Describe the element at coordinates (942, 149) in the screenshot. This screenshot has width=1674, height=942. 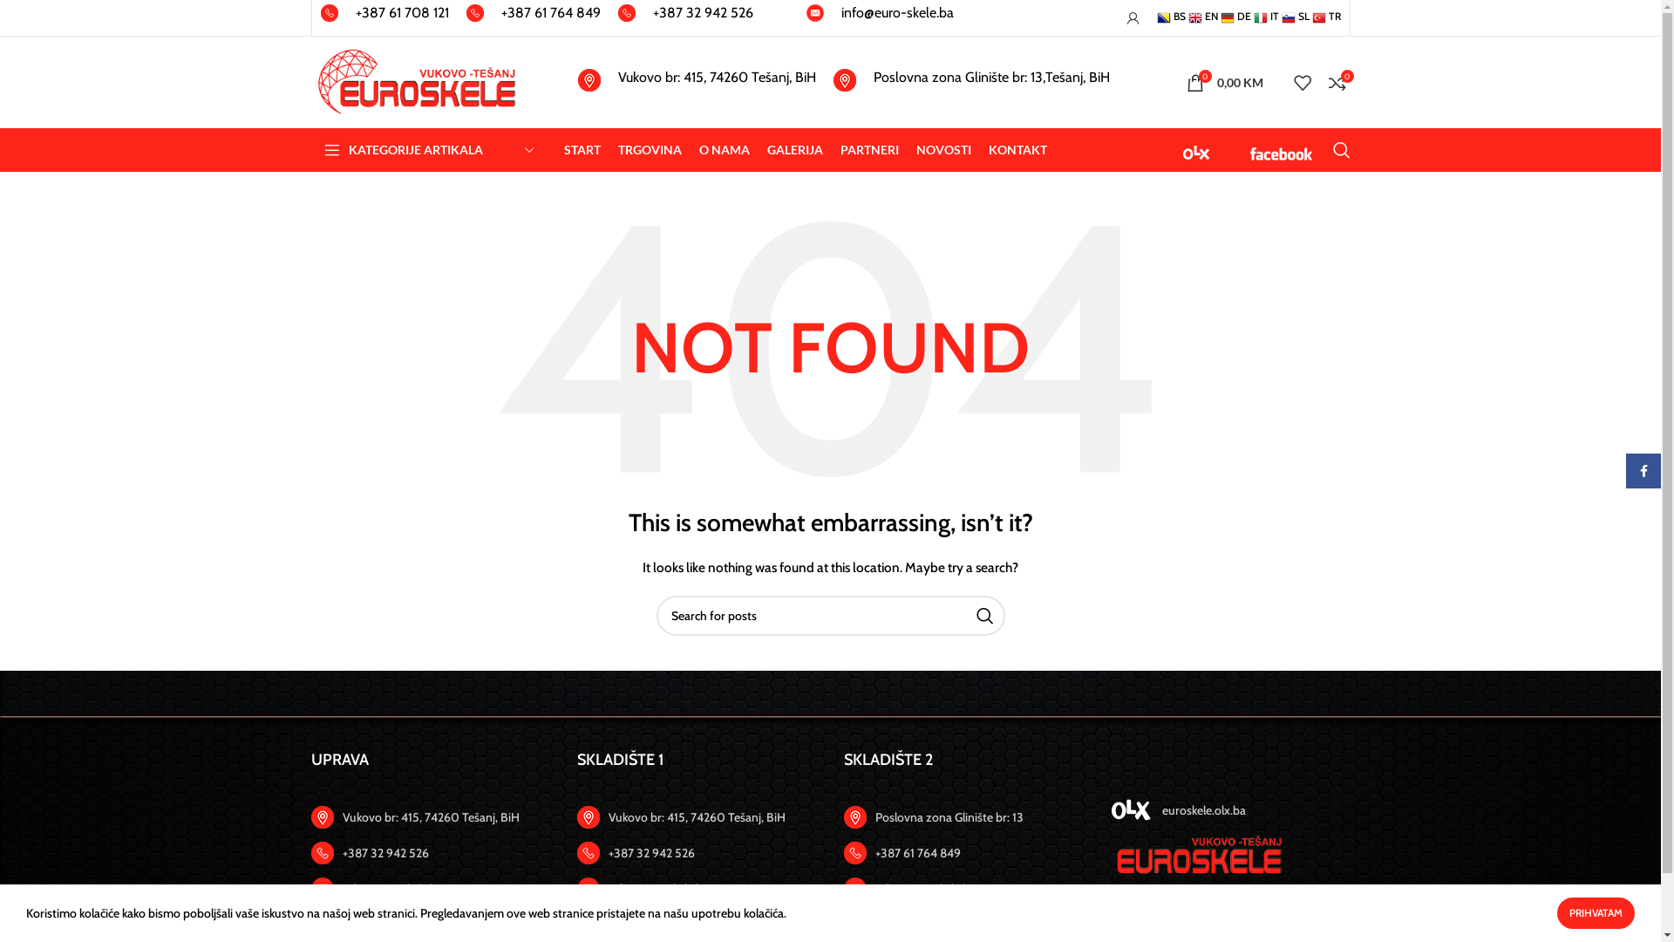
I see `'NOVOSTI'` at that location.